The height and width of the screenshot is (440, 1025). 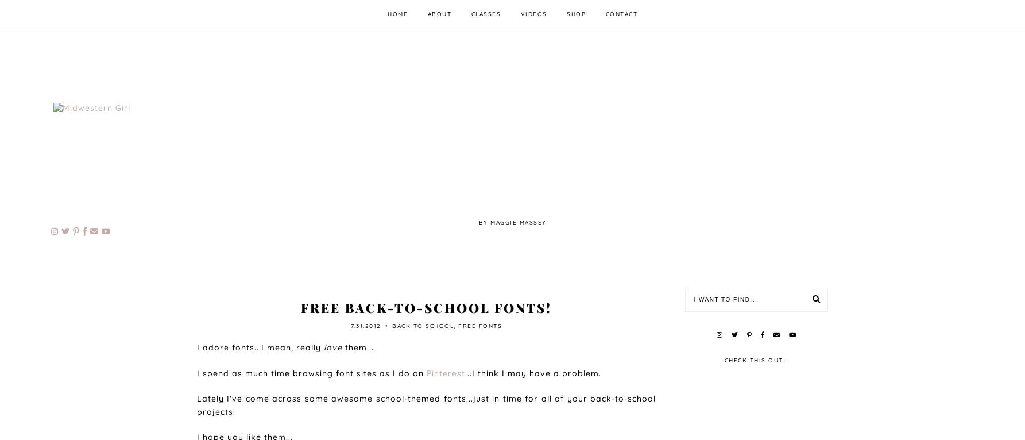 I want to click on 'by maggie massey', so click(x=512, y=221).